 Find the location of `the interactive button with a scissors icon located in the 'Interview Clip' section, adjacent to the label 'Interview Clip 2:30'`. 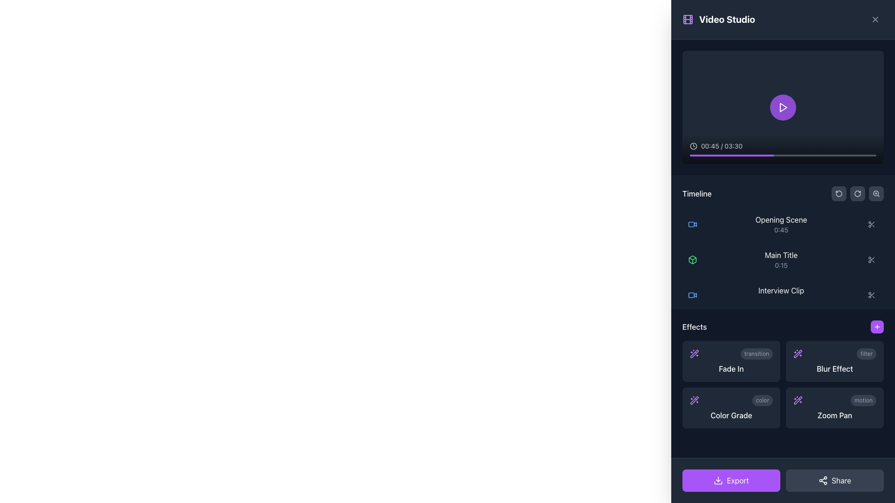

the interactive button with a scissors icon located in the 'Interview Clip' section, adjacent to the label 'Interview Clip 2:30' is located at coordinates (871, 295).